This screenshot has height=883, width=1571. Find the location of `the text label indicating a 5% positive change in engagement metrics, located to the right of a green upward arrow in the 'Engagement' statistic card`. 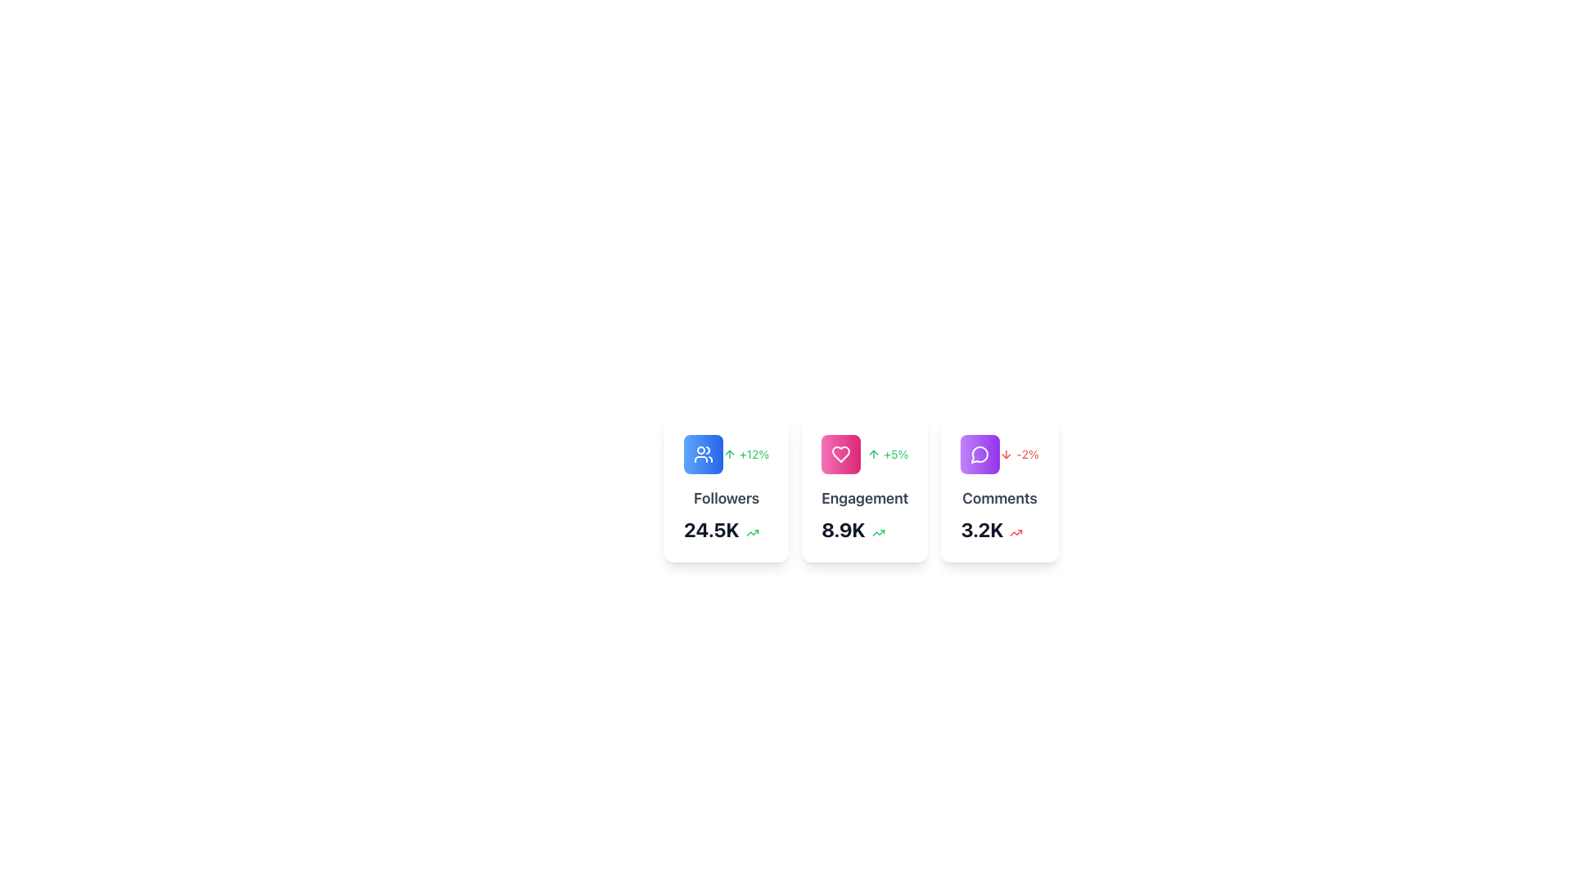

the text label indicating a 5% positive change in engagement metrics, located to the right of a green upward arrow in the 'Engagement' statistic card is located at coordinates (864, 454).